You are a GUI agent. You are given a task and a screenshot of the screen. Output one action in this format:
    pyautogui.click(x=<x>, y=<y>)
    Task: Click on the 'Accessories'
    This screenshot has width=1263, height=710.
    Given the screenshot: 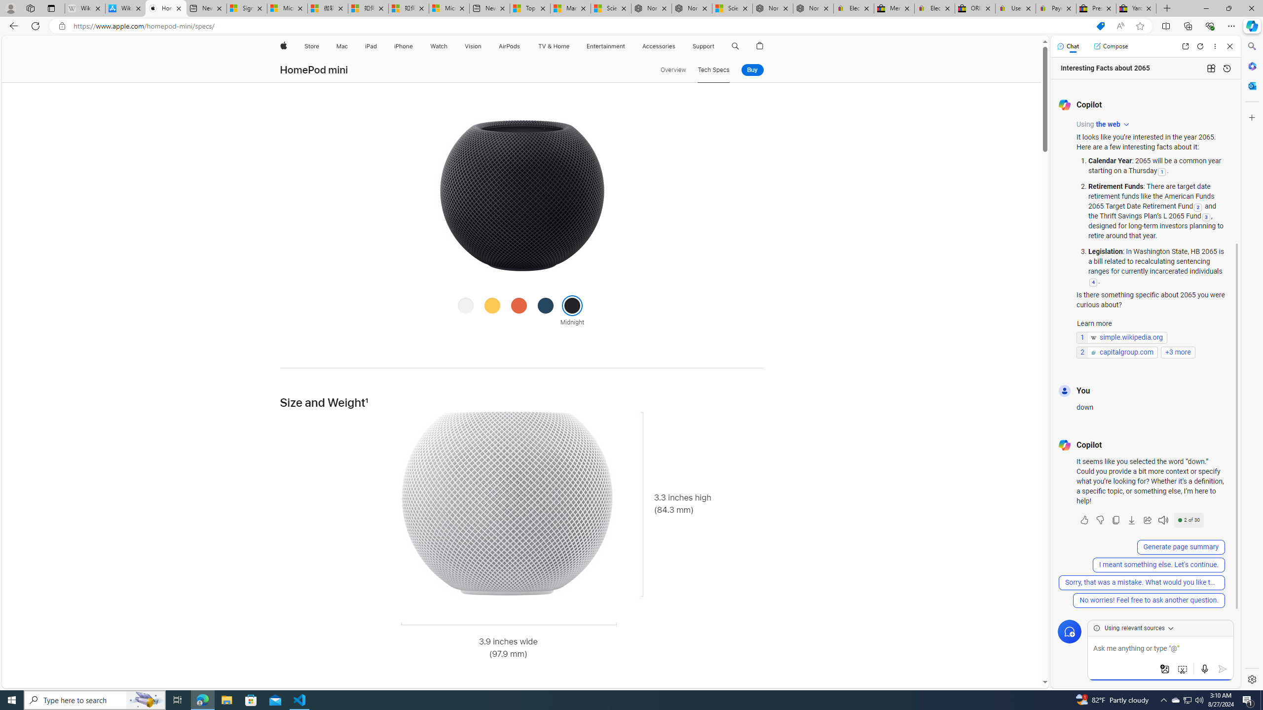 What is the action you would take?
    pyautogui.click(x=658, y=46)
    